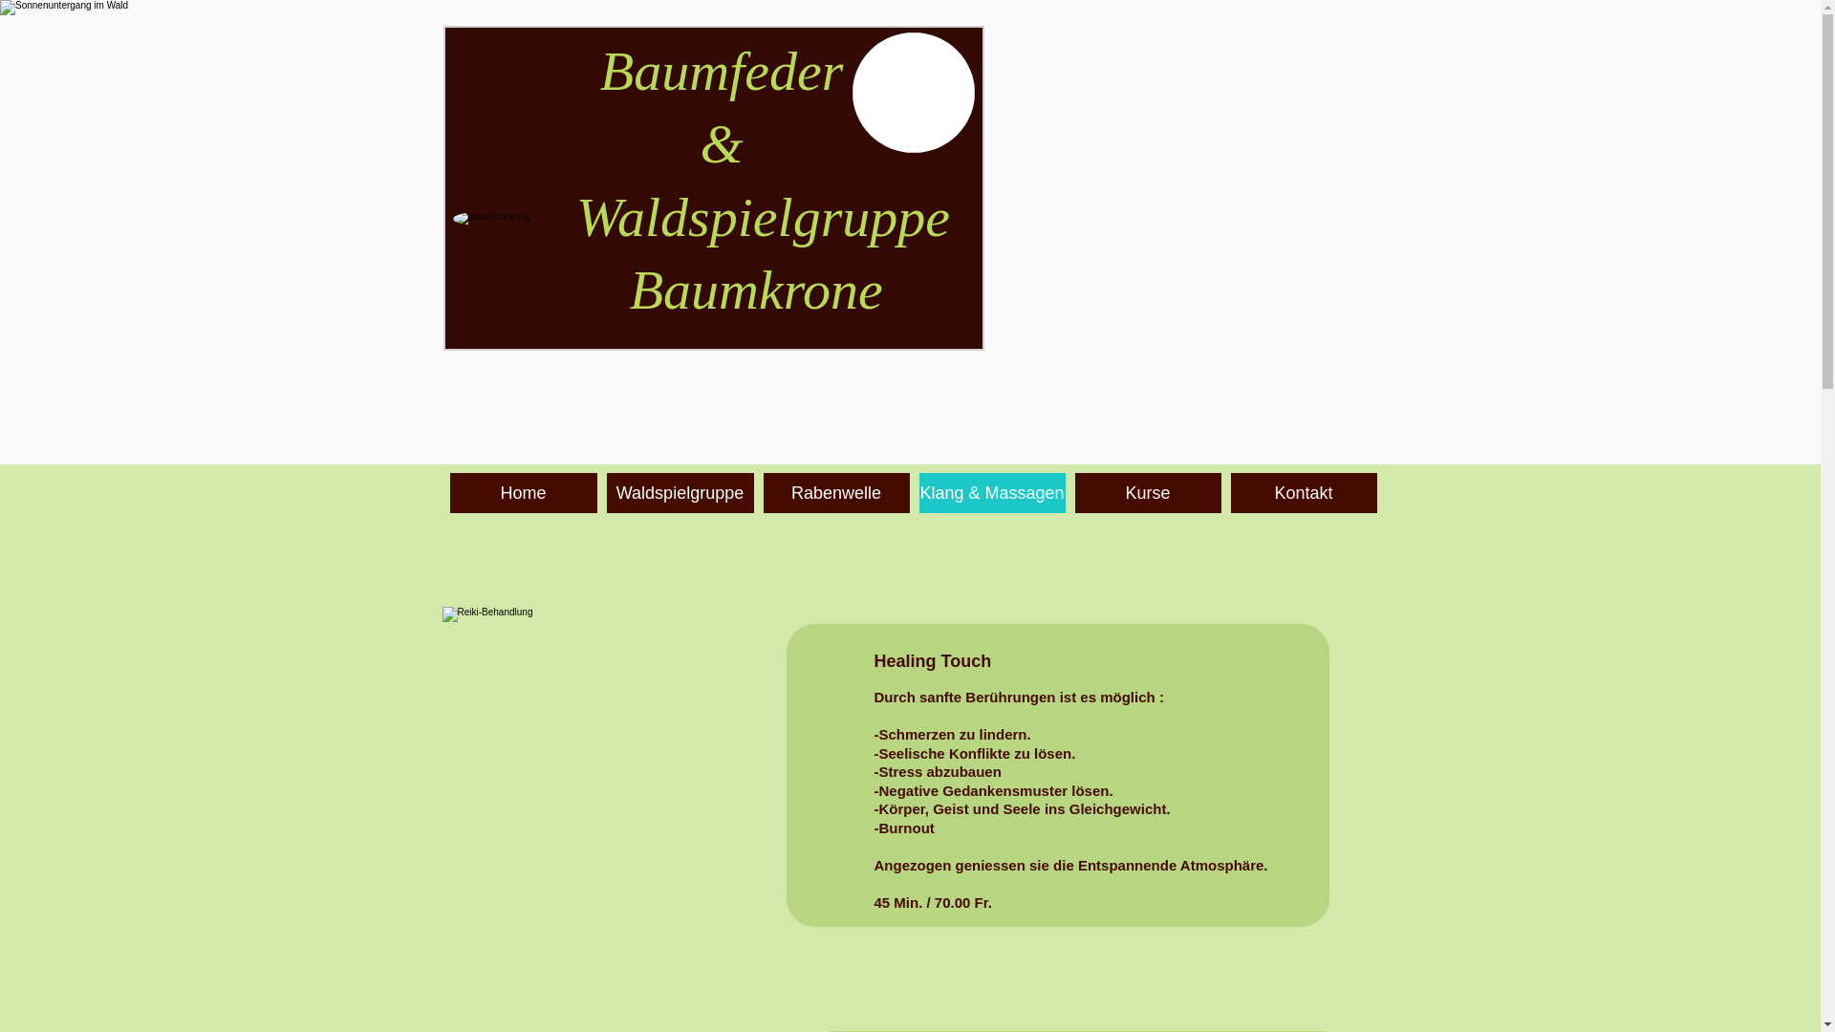 Image resolution: width=1835 pixels, height=1032 pixels. I want to click on 'Home', so click(523, 492).